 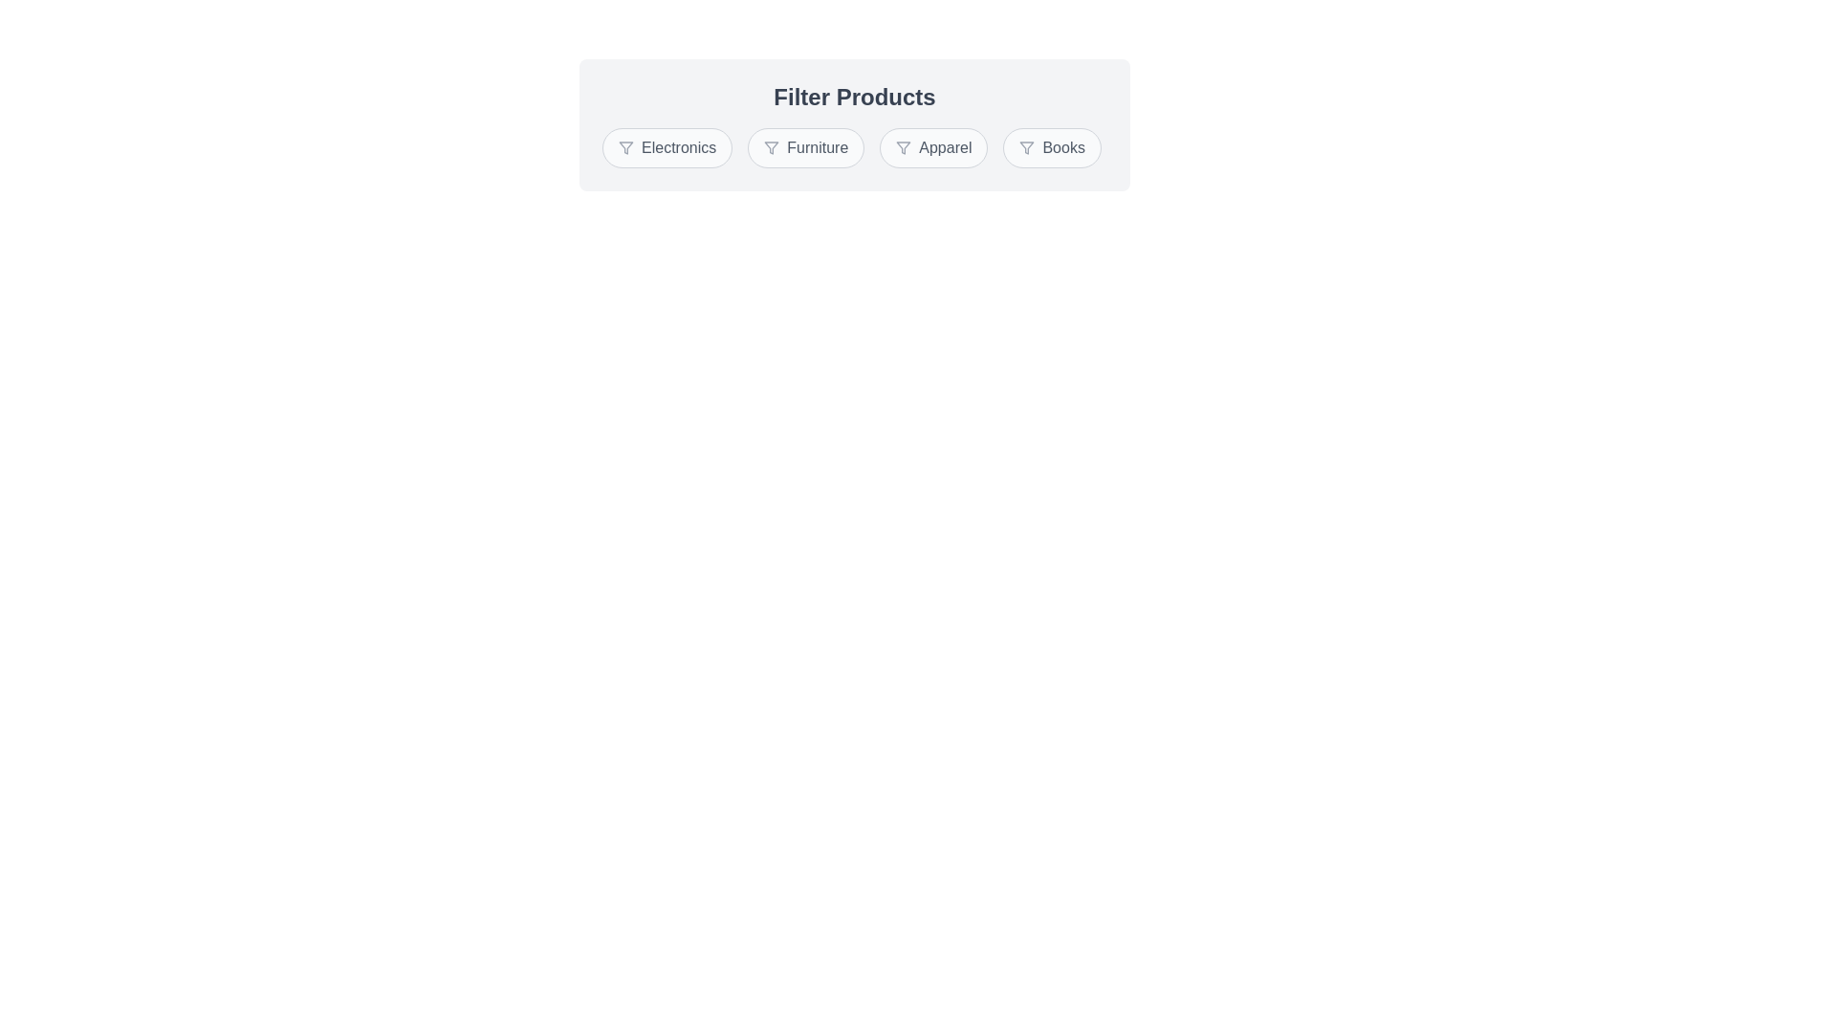 I want to click on the icon inside the chip labeled Furniture, so click(x=771, y=146).